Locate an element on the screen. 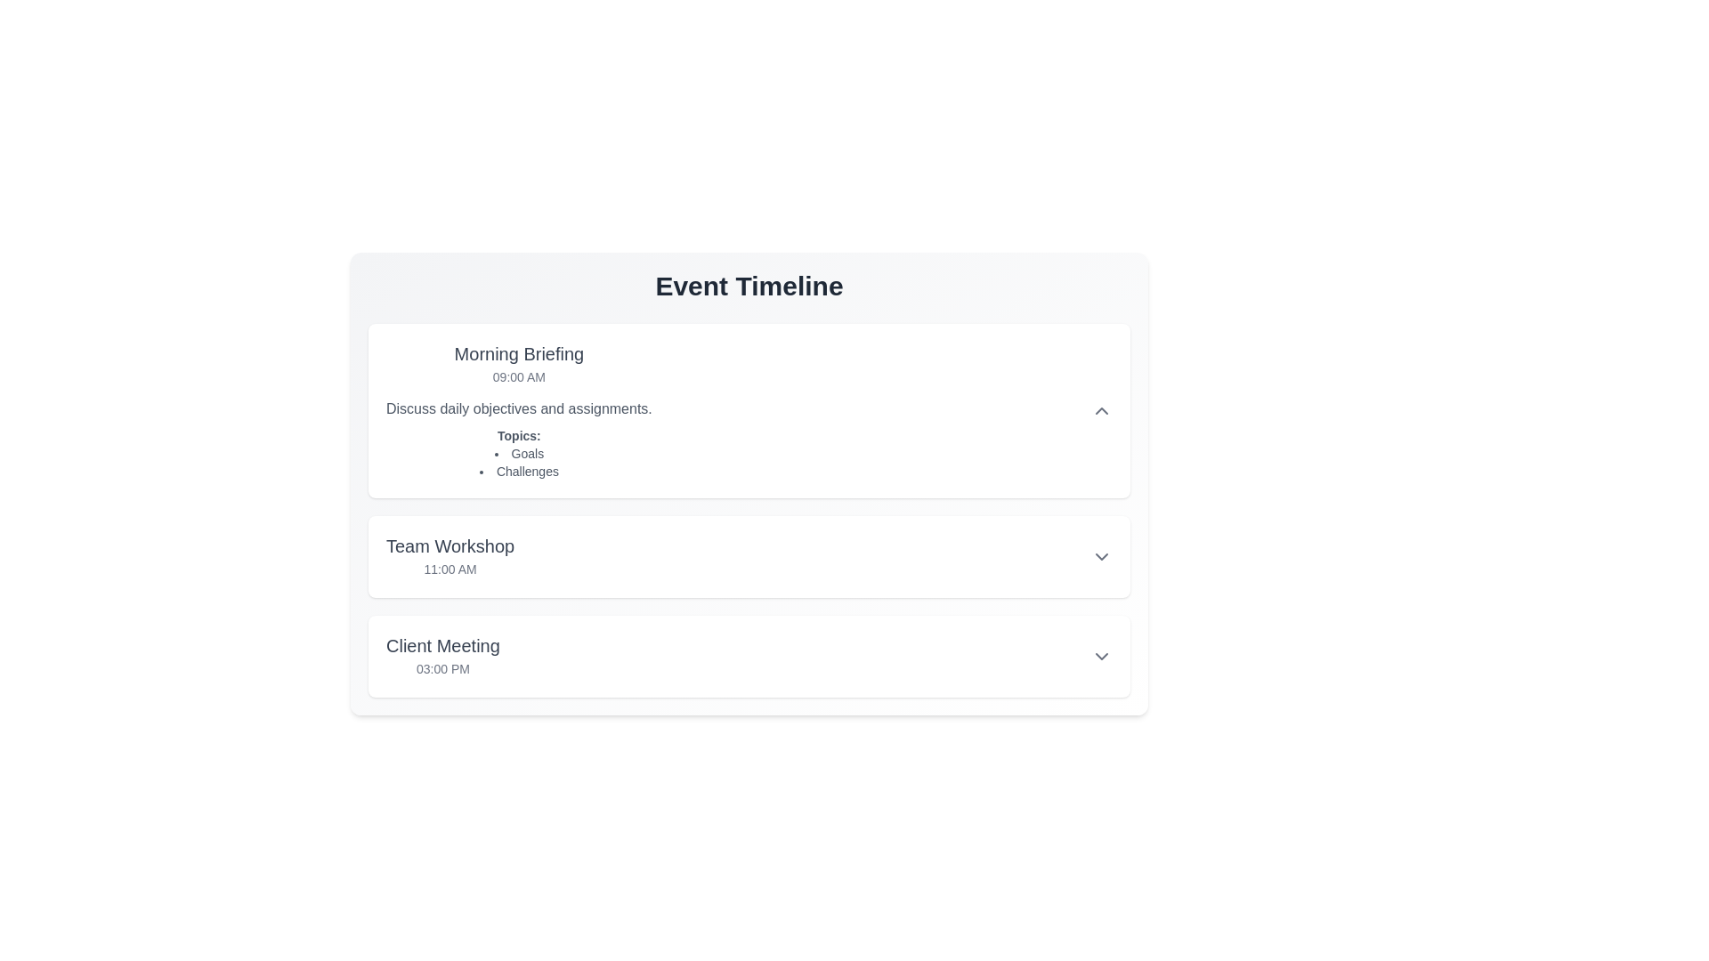  the 'Goals' text label in the 'Morning Briefing' section which is the first item in the bulleted list is located at coordinates (518, 452).